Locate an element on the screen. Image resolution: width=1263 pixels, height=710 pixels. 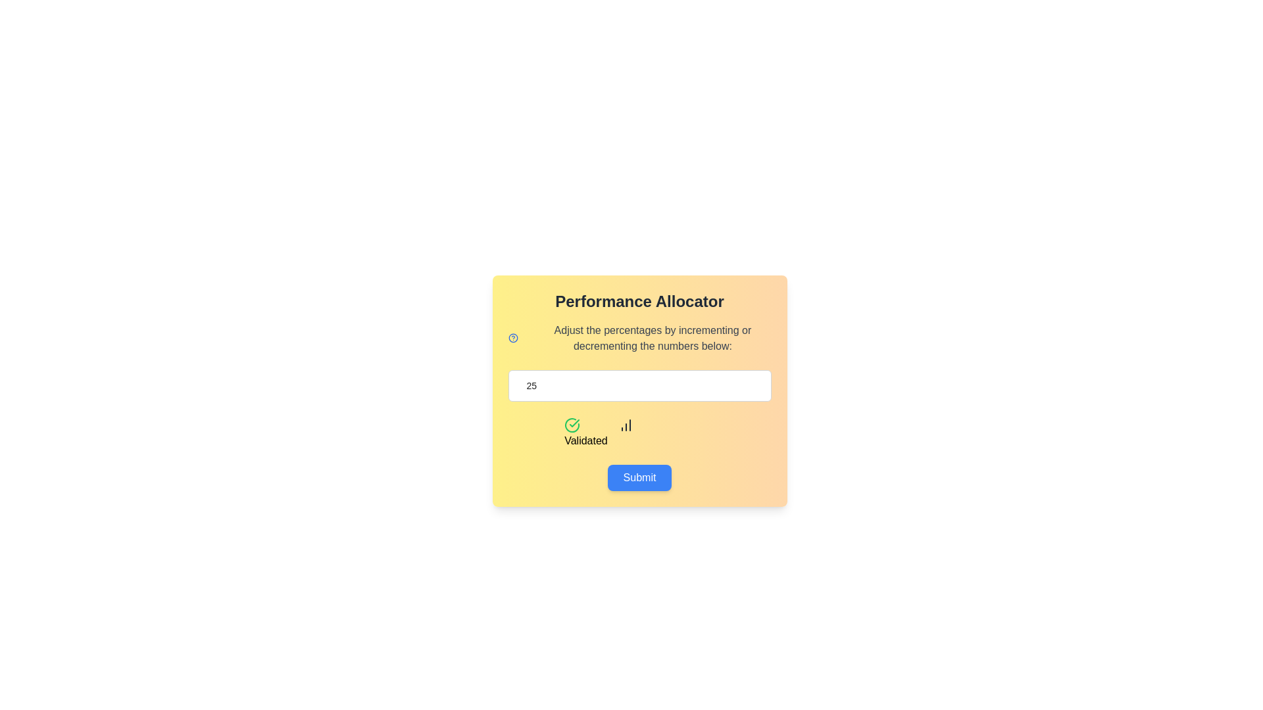
the static text block that instructs users to adjust percentages, located prominently below the 'Performance Allocator' title and above a numeric input field is located at coordinates (653, 338).